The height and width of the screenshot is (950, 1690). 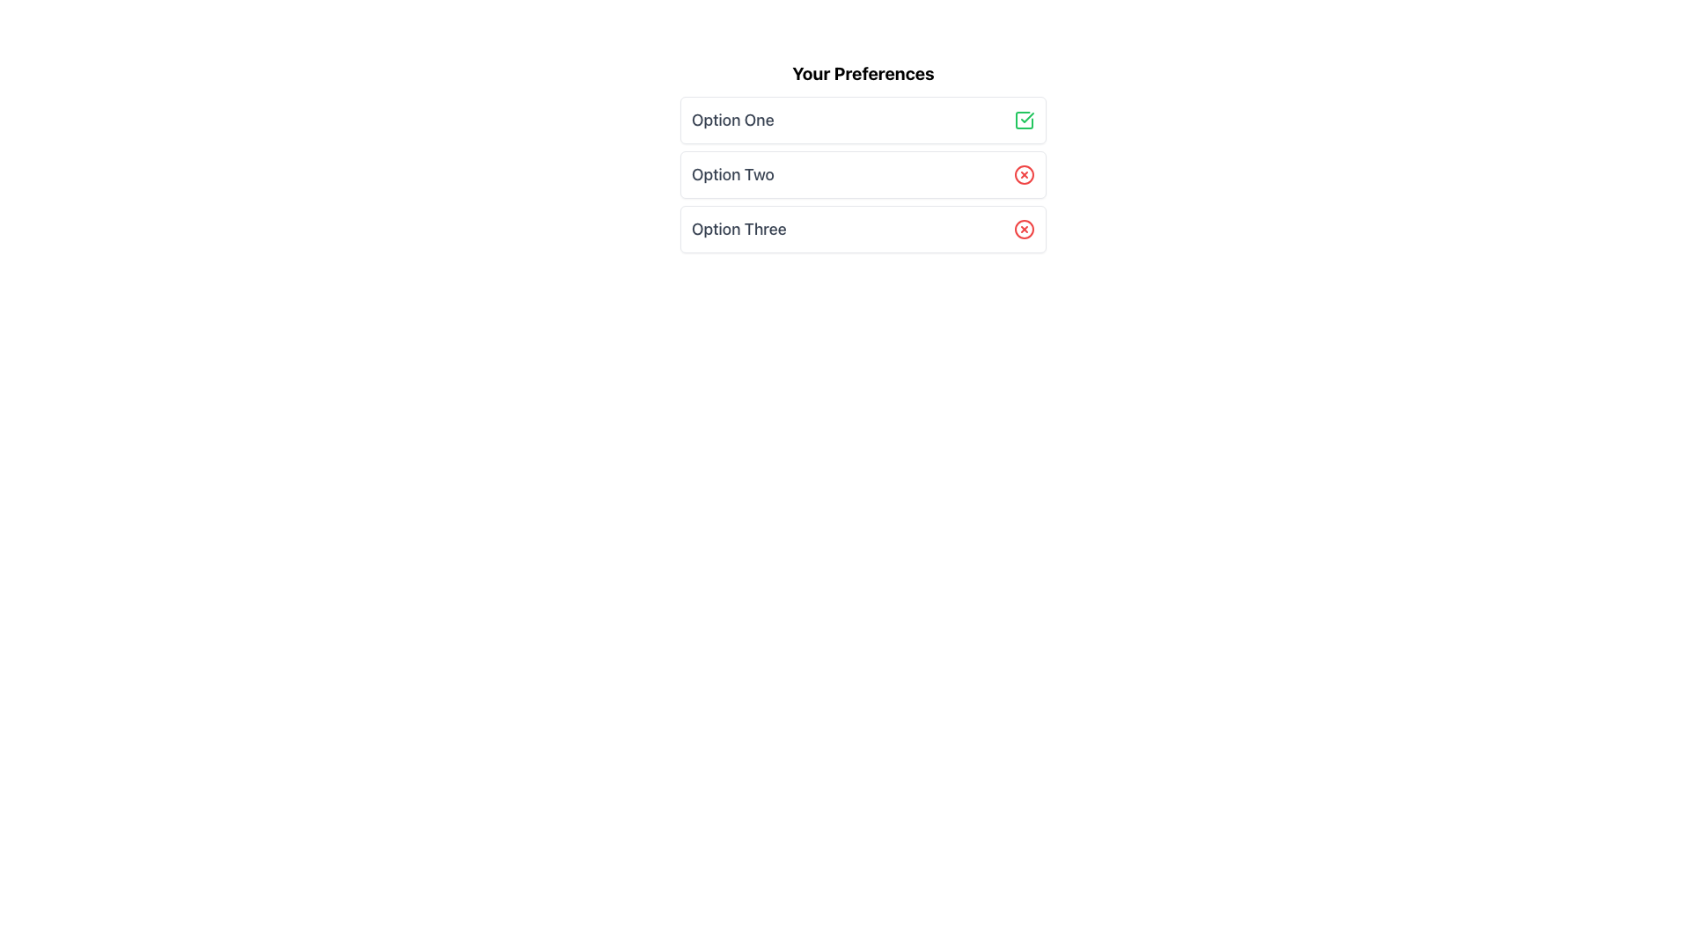 What do you see at coordinates (738, 229) in the screenshot?
I see `static text label displaying 'Option Three', which is the third entry in the list of options under 'Your Preferences'` at bounding box center [738, 229].